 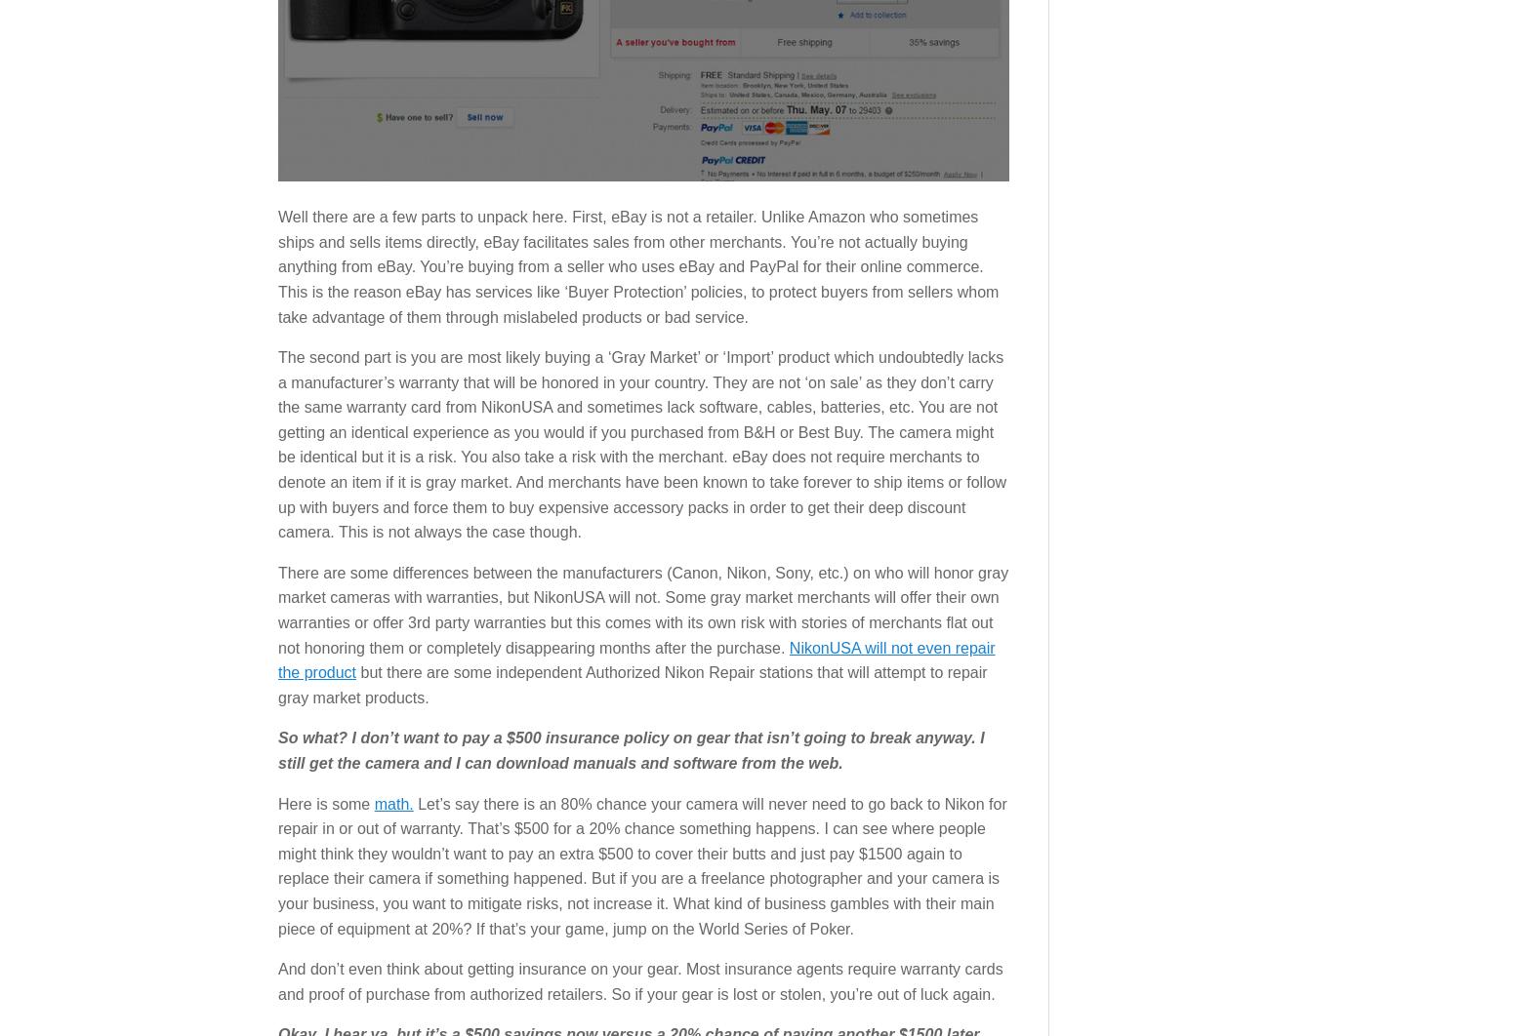 What do you see at coordinates (300, 520) in the screenshot?
I see `'Gear Reviews'` at bounding box center [300, 520].